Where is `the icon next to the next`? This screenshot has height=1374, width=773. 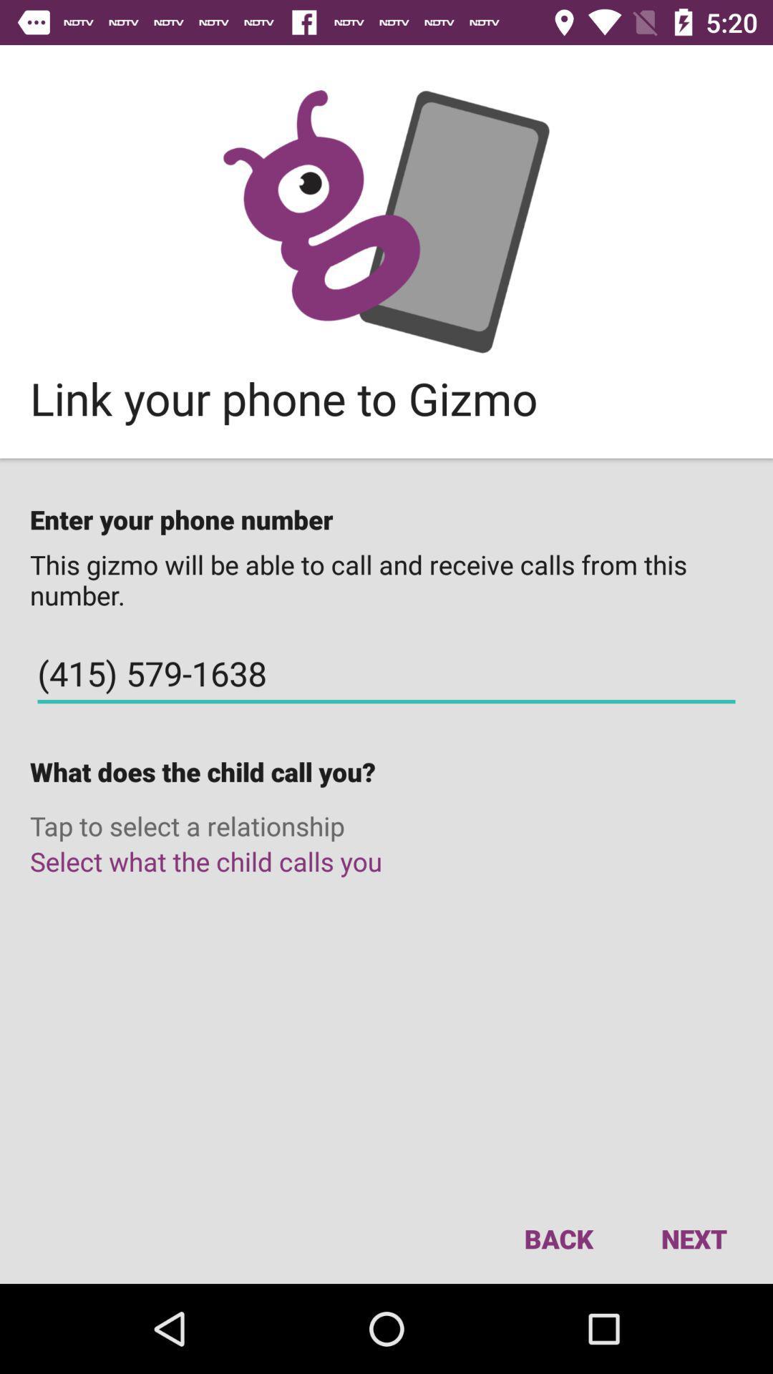 the icon next to the next is located at coordinates (558, 1238).